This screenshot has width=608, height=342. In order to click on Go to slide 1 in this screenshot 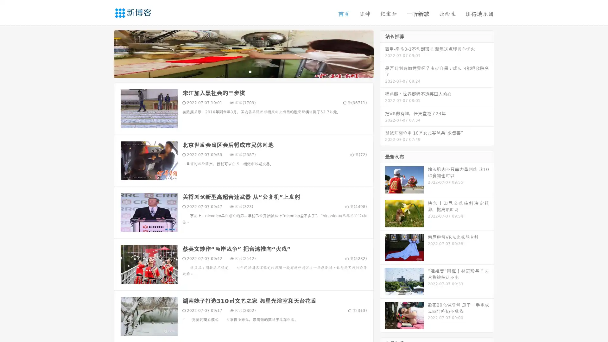, I will do `click(237, 71)`.